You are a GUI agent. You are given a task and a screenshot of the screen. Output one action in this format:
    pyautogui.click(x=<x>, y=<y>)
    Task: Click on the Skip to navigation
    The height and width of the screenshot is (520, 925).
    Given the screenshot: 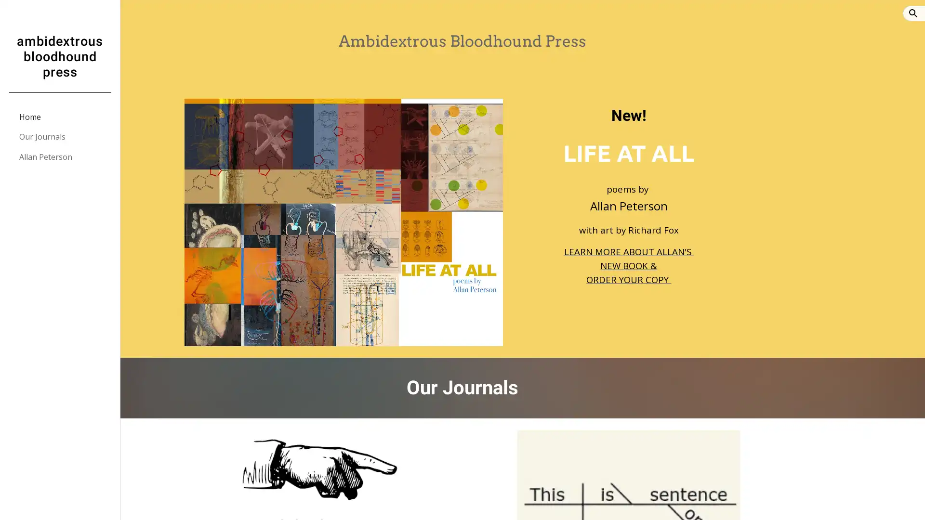 What is the action you would take?
    pyautogui.click(x=549, y=18)
    